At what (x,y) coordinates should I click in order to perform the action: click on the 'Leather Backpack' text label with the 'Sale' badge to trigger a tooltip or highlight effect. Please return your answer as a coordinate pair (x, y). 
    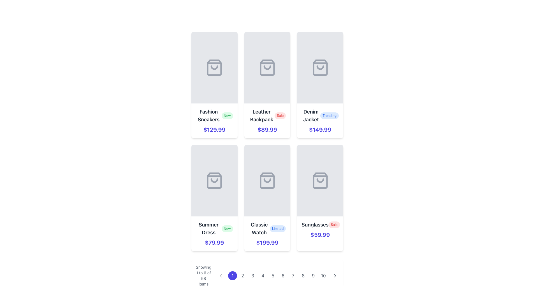
    Looking at the image, I should click on (267, 115).